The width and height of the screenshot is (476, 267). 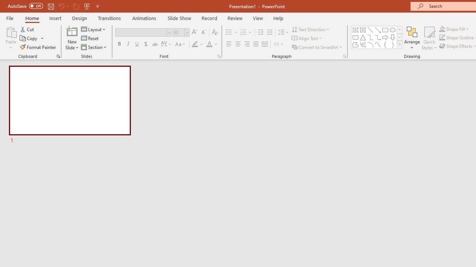 I want to click on 'Increase Indent', so click(x=269, y=32).